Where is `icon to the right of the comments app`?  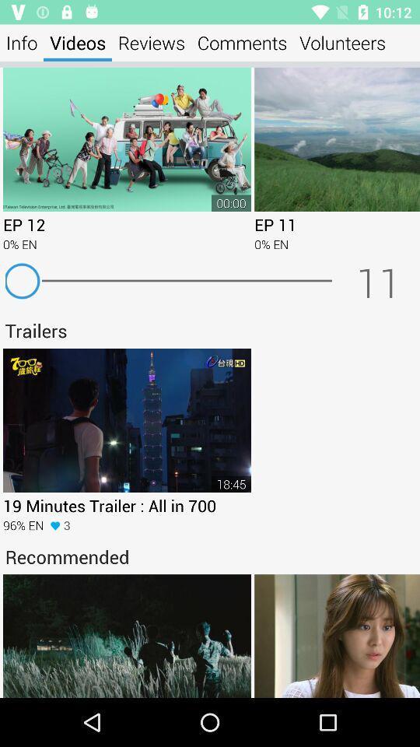 icon to the right of the comments app is located at coordinates (342, 42).